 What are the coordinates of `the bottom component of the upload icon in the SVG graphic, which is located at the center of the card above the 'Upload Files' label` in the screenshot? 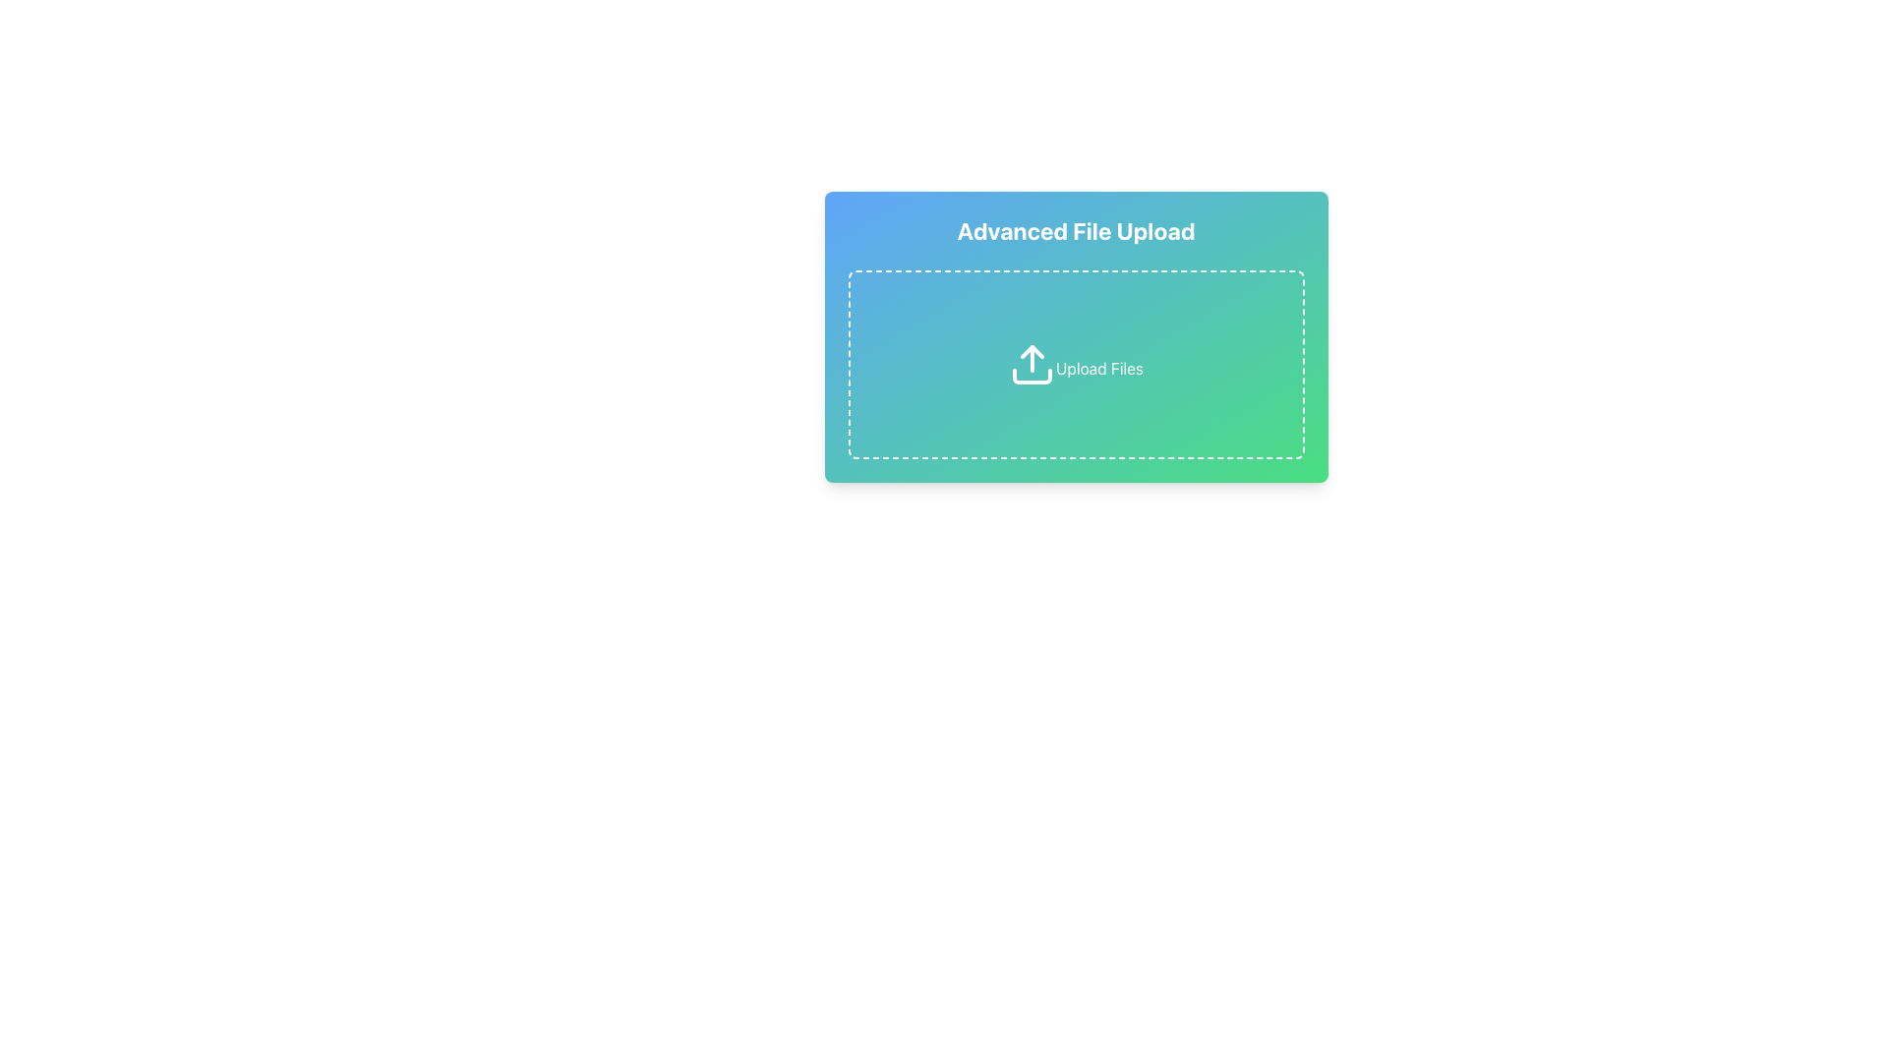 It's located at (1031, 376).